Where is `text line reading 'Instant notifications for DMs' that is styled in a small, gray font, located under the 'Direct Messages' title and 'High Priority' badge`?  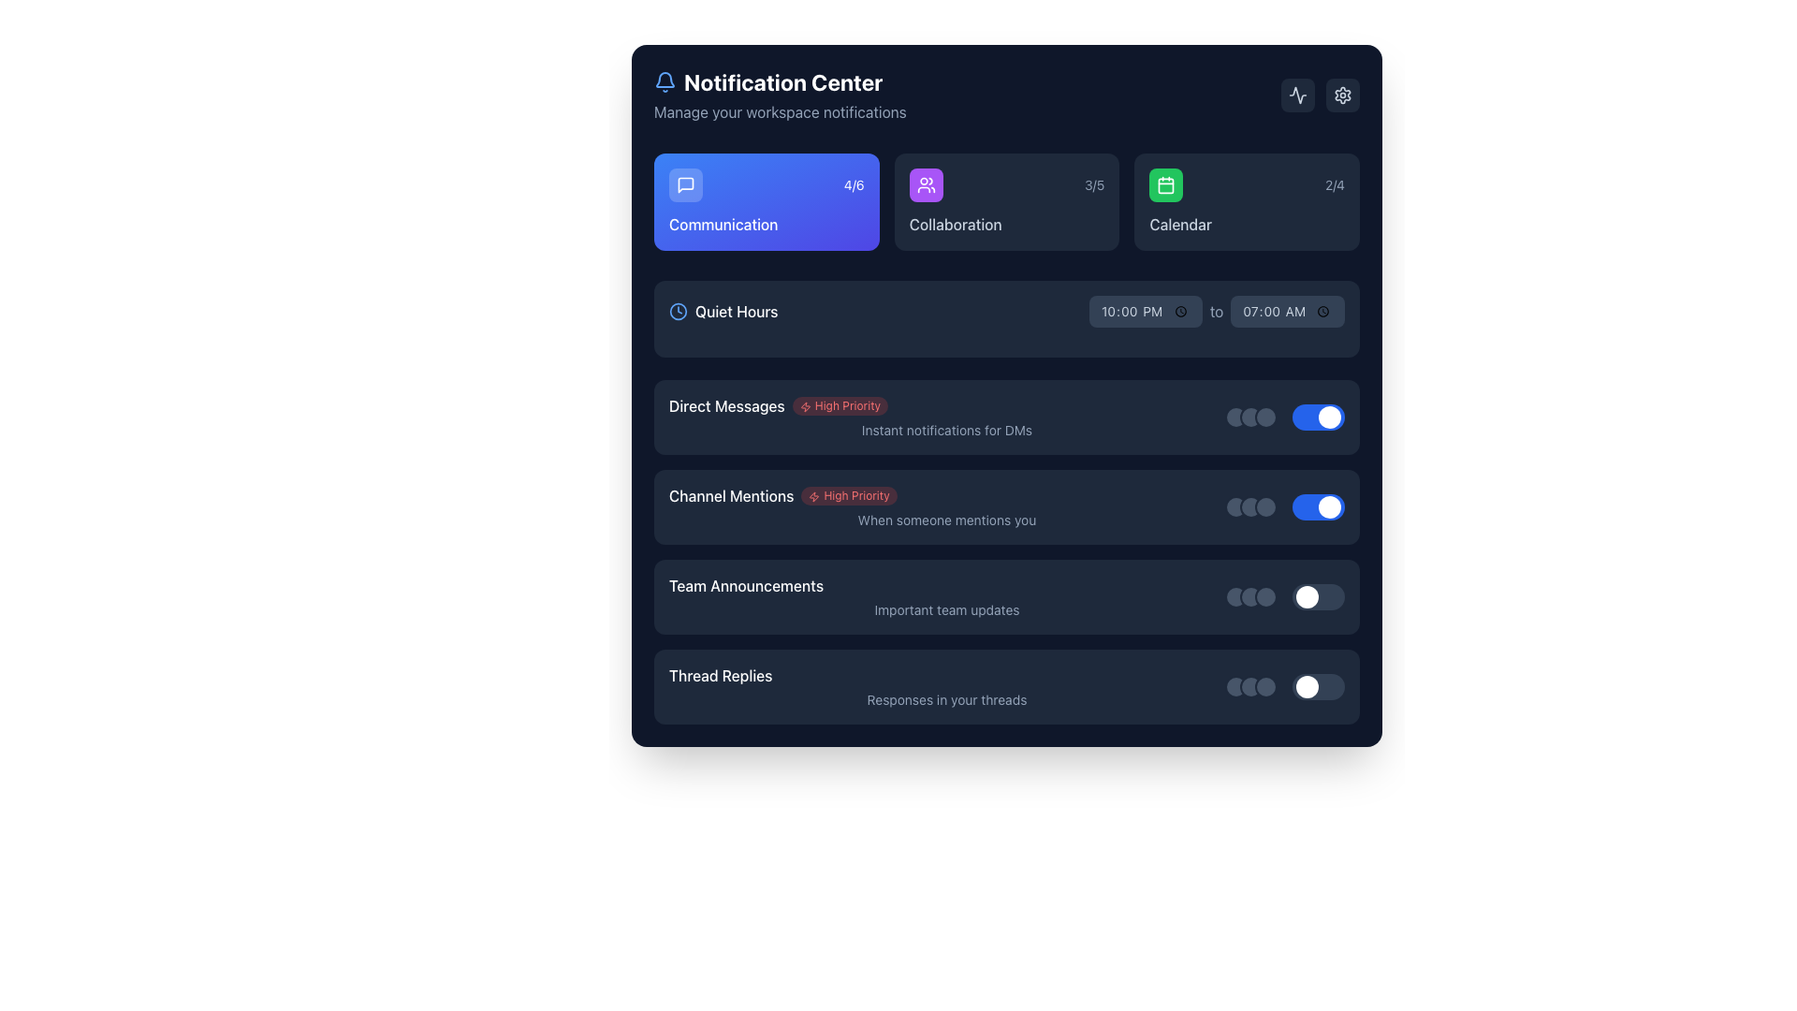
text line reading 'Instant notifications for DMs' that is styled in a small, gray font, located under the 'Direct Messages' title and 'High Priority' badge is located at coordinates (947, 430).